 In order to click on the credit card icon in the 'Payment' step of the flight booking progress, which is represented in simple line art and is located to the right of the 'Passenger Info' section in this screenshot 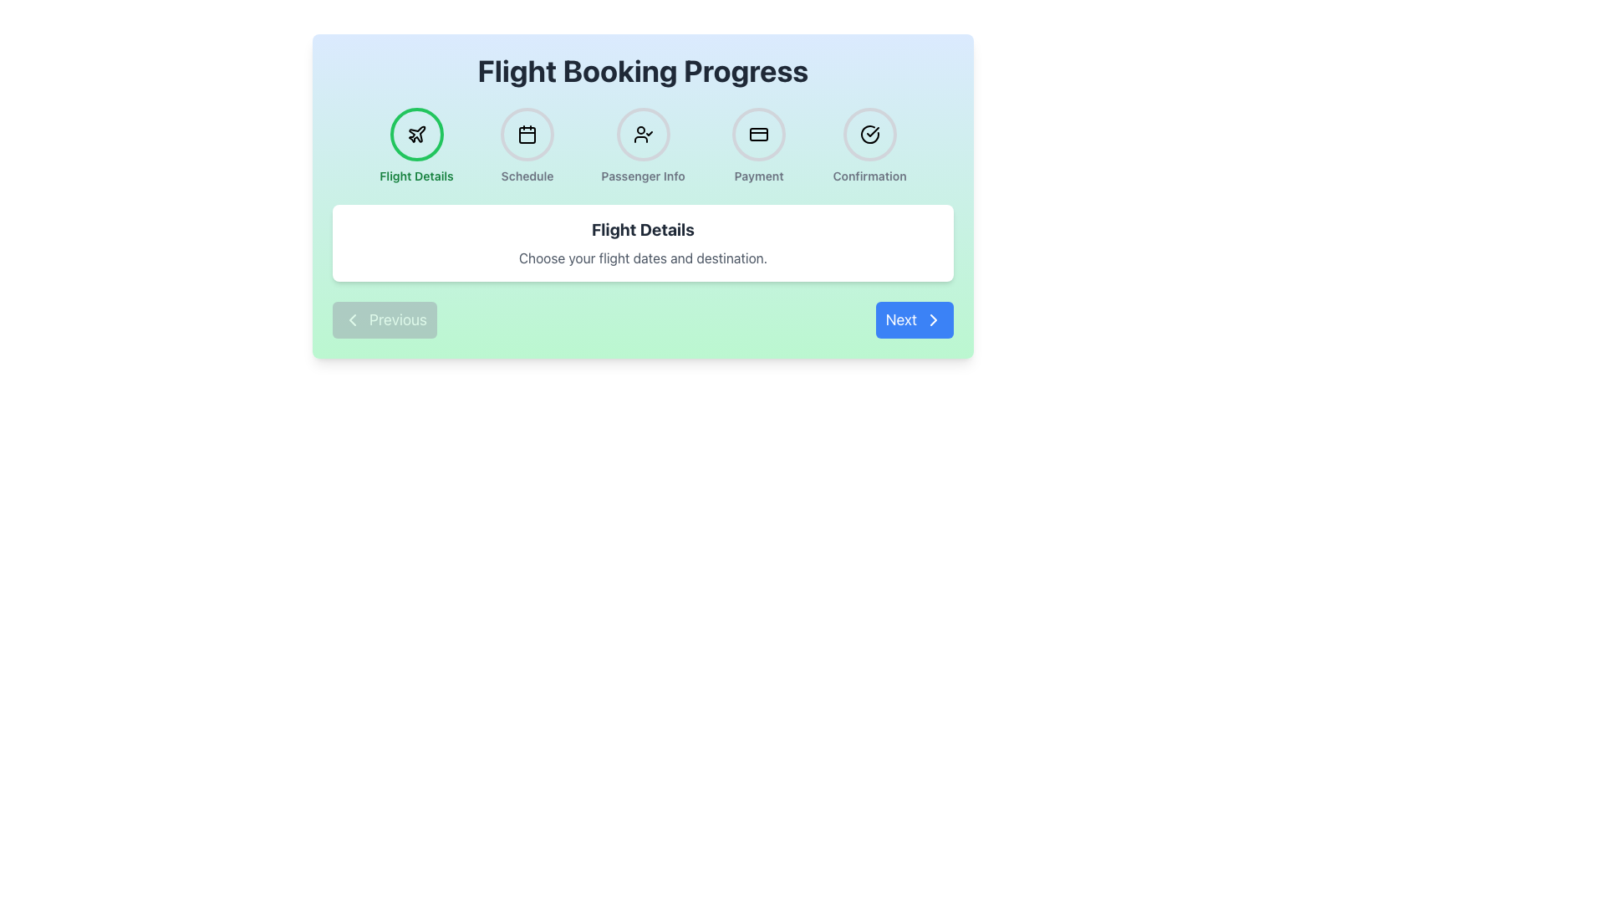, I will do `click(758, 134)`.